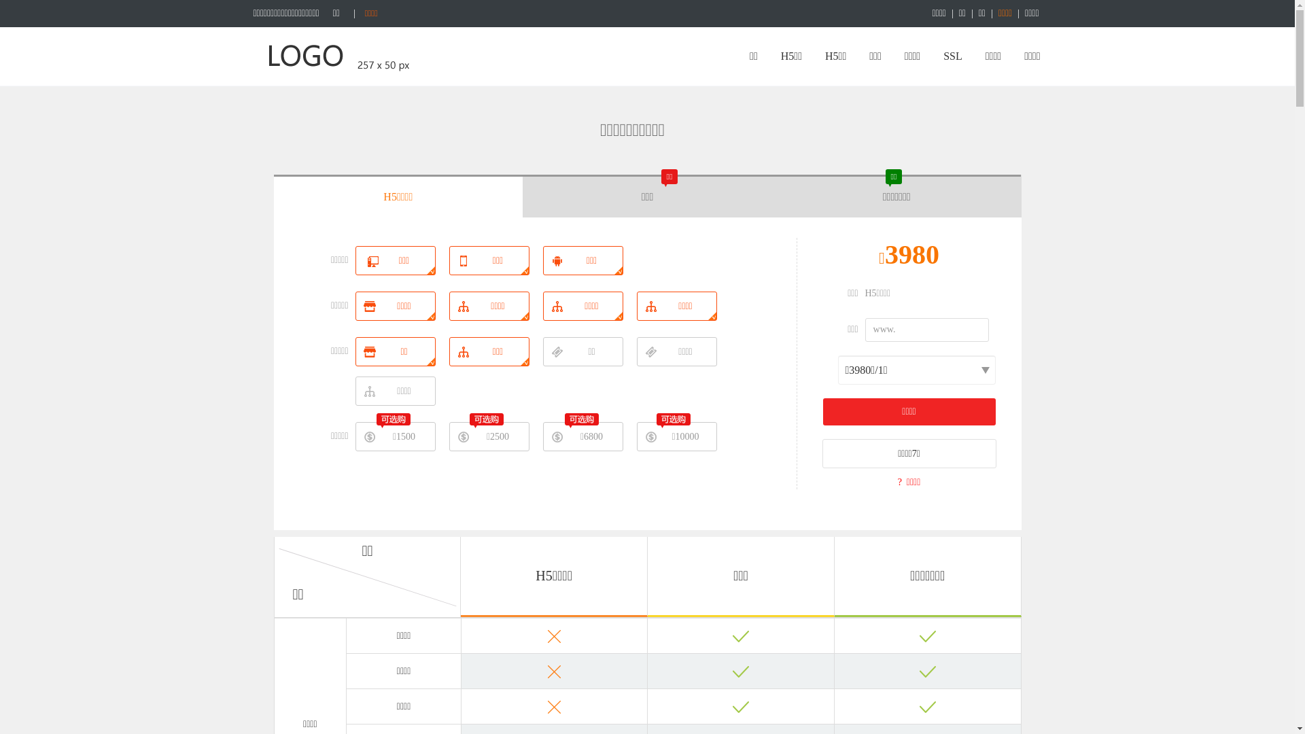 This screenshot has width=1305, height=734. I want to click on 'SSL', so click(952, 56).